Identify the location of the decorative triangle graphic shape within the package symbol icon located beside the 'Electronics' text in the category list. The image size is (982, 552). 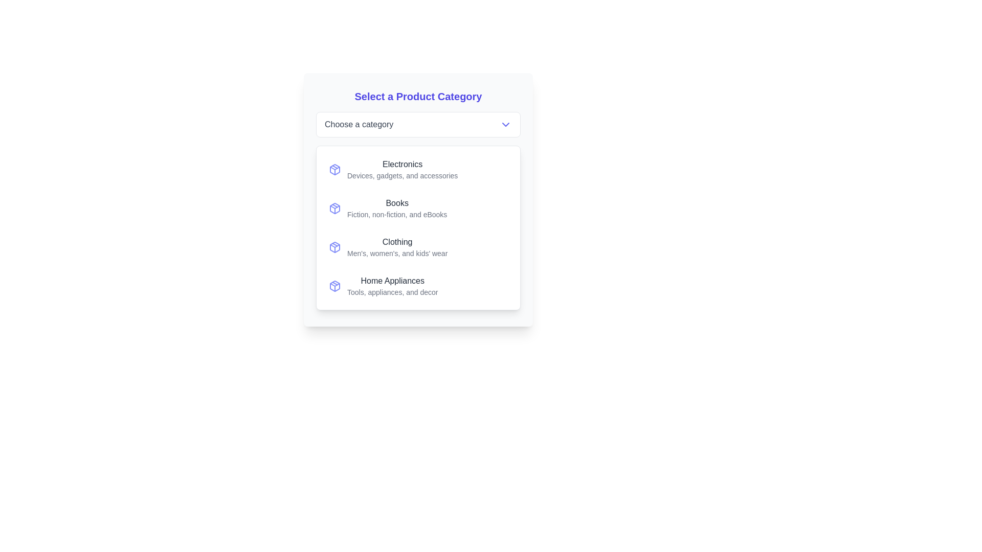
(334, 168).